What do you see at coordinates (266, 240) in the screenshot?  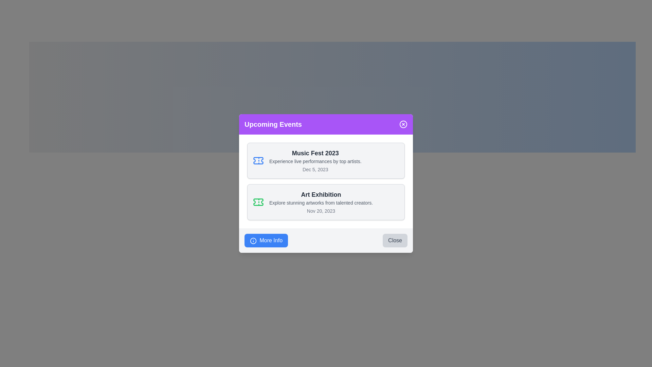 I see `the 'More Info' button, which is a rectangular button with a blue background and white text located at the bottom left of the 'Upcoming Events' modal panel` at bounding box center [266, 240].